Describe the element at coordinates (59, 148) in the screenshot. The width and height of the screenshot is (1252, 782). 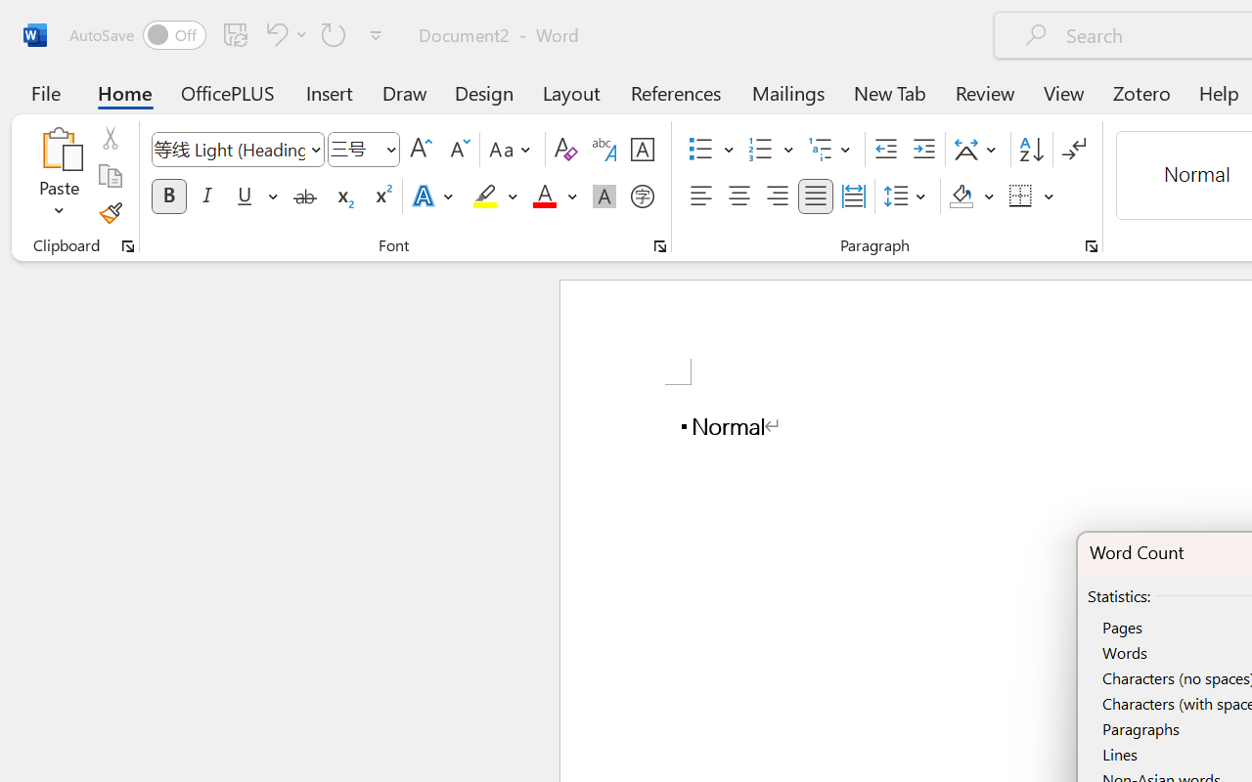
I see `'Paste'` at that location.